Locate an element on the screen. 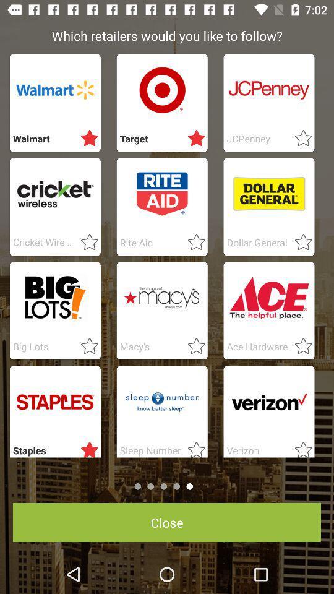 This screenshot has height=594, width=334. to favorites is located at coordinates (299, 447).